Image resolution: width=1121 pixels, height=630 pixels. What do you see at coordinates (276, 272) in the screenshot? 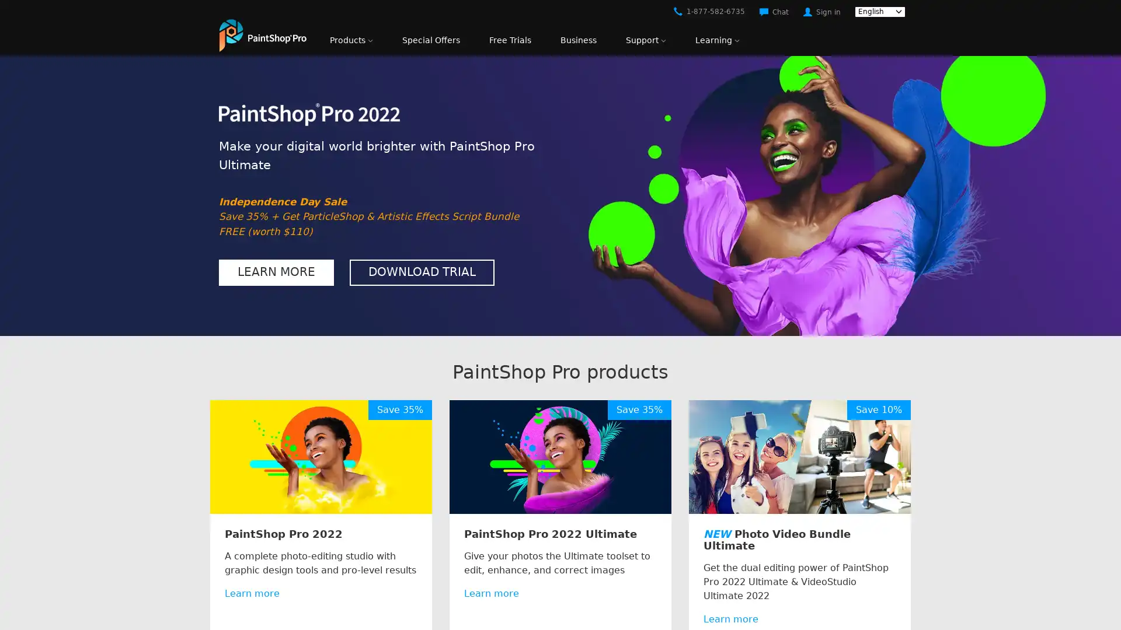
I see `LEARN MORE` at bounding box center [276, 272].